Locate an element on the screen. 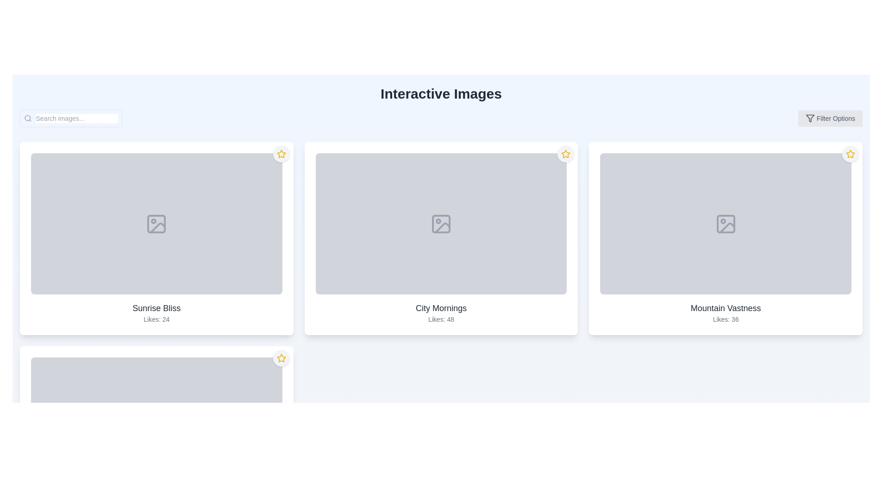  the star icon located at the top-right corner of the 'Sunrise Bliss' image card, which functions as a 'favorite' or 'like' indicator is located at coordinates (281, 153).